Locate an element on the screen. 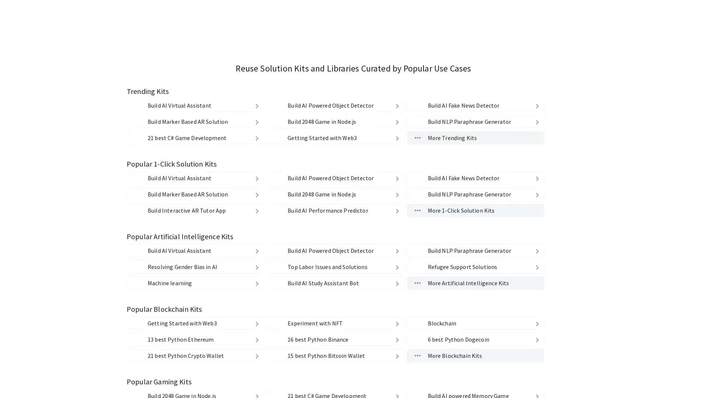 This screenshot has height=398, width=707. marker-based-ar-kit-using-mindar Build Marker Based AR Solution is located at coordinates (195, 379).